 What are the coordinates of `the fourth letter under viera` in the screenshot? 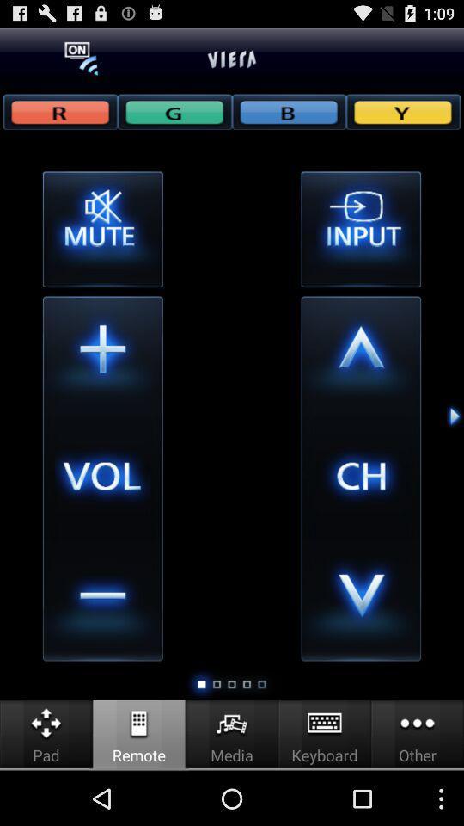 It's located at (403, 110).